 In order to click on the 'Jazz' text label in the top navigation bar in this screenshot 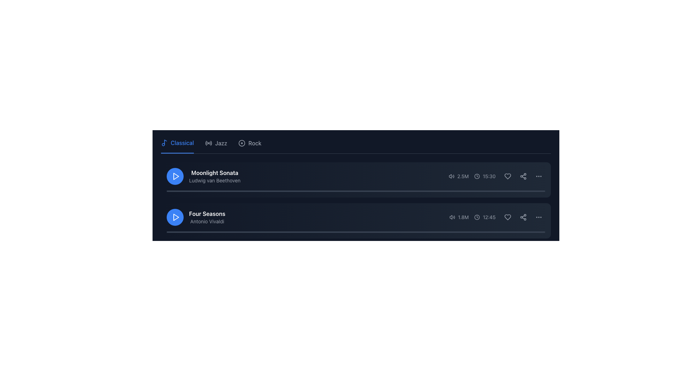, I will do `click(221, 143)`.